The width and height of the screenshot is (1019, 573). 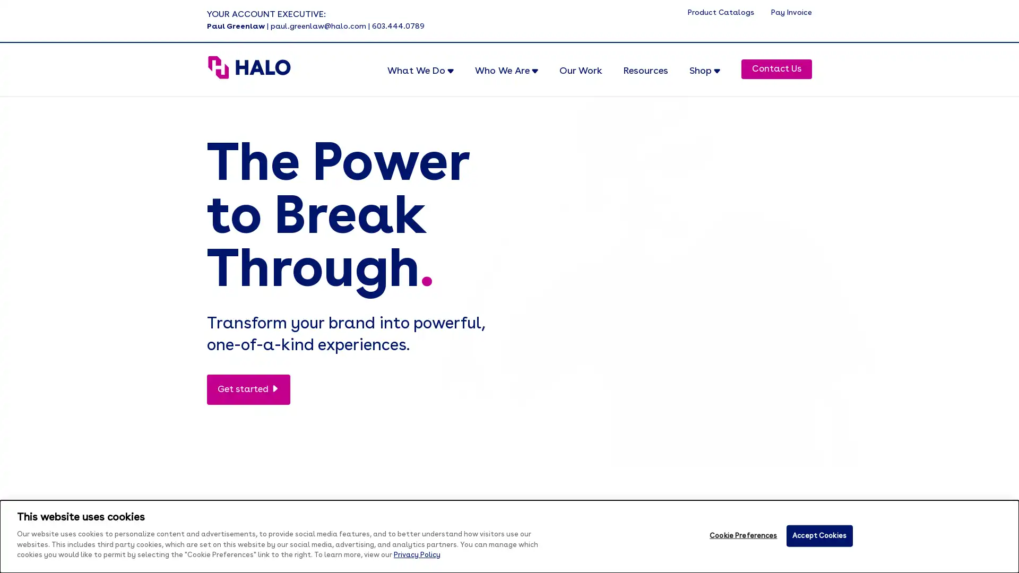 What do you see at coordinates (818, 536) in the screenshot?
I see `Accept Cookies` at bounding box center [818, 536].